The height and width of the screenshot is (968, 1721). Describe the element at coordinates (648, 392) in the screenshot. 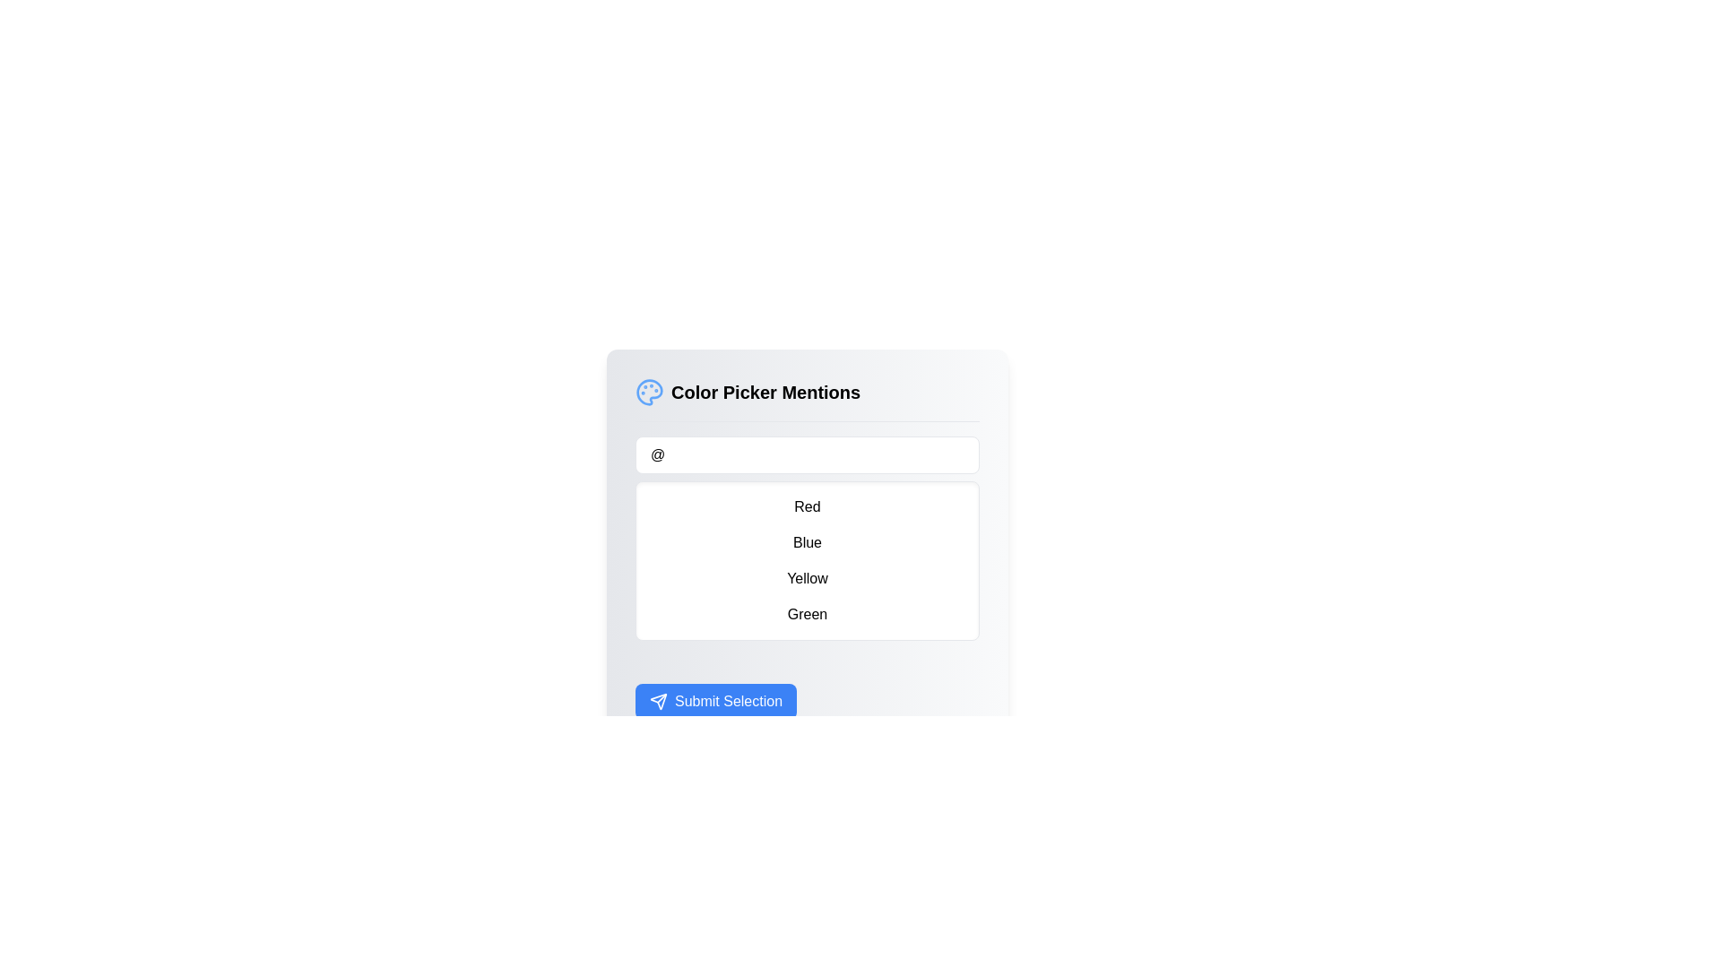

I see `the palette-shaped icon with a blue outline located to the left of the title 'Color Picker Mentions'` at that location.